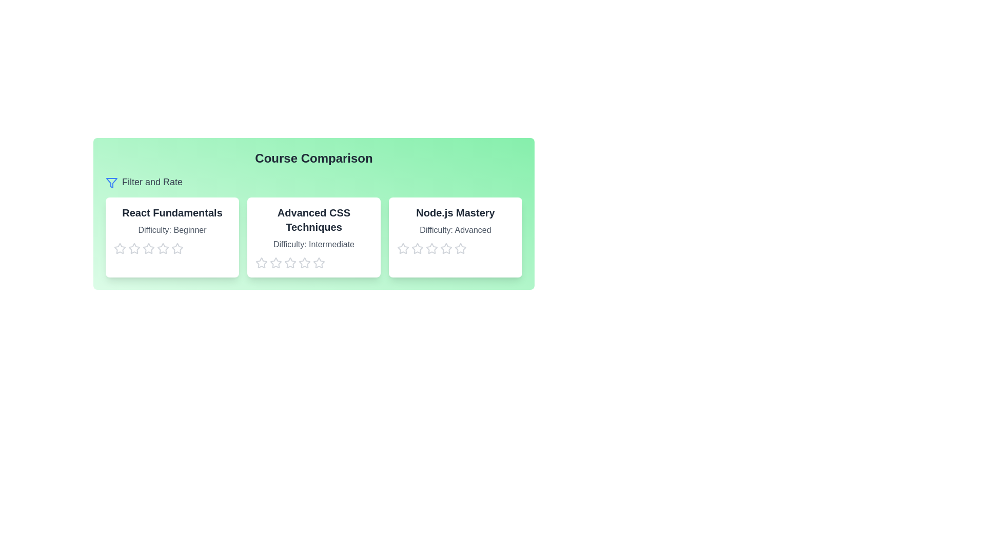  What do you see at coordinates (111, 182) in the screenshot?
I see `the 'Filter and Rate' filter icon` at bounding box center [111, 182].